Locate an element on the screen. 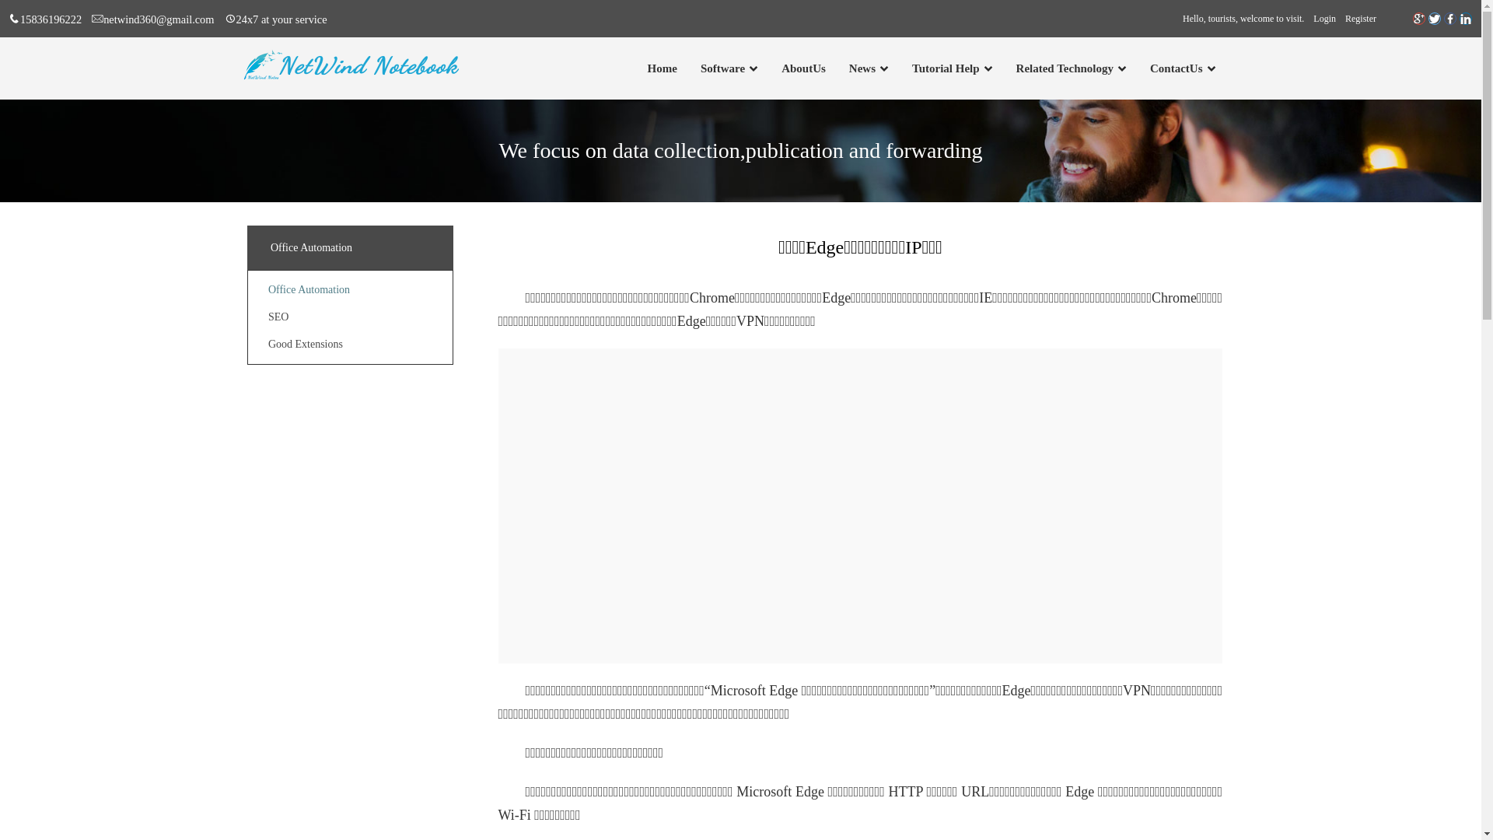  'Home' is located at coordinates (662, 68).